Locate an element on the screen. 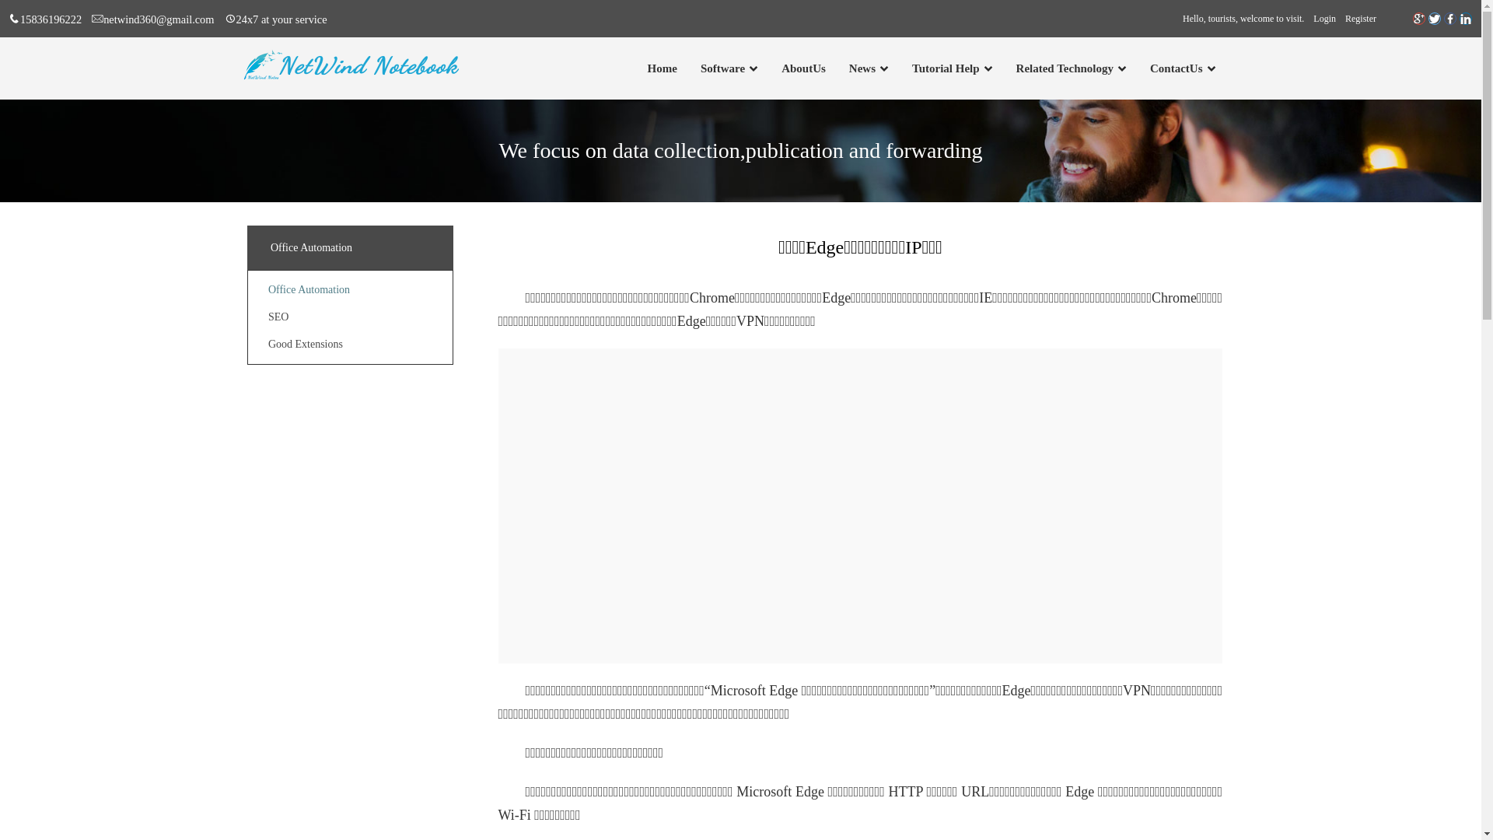  'Home' is located at coordinates (662, 68).